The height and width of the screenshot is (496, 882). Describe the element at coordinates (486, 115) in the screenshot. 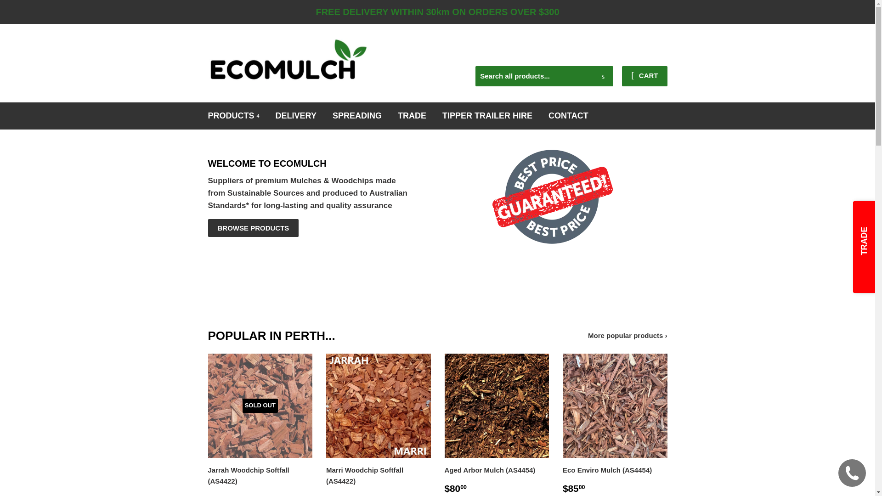

I see `'TIPPER TRAILER HIRE'` at that location.